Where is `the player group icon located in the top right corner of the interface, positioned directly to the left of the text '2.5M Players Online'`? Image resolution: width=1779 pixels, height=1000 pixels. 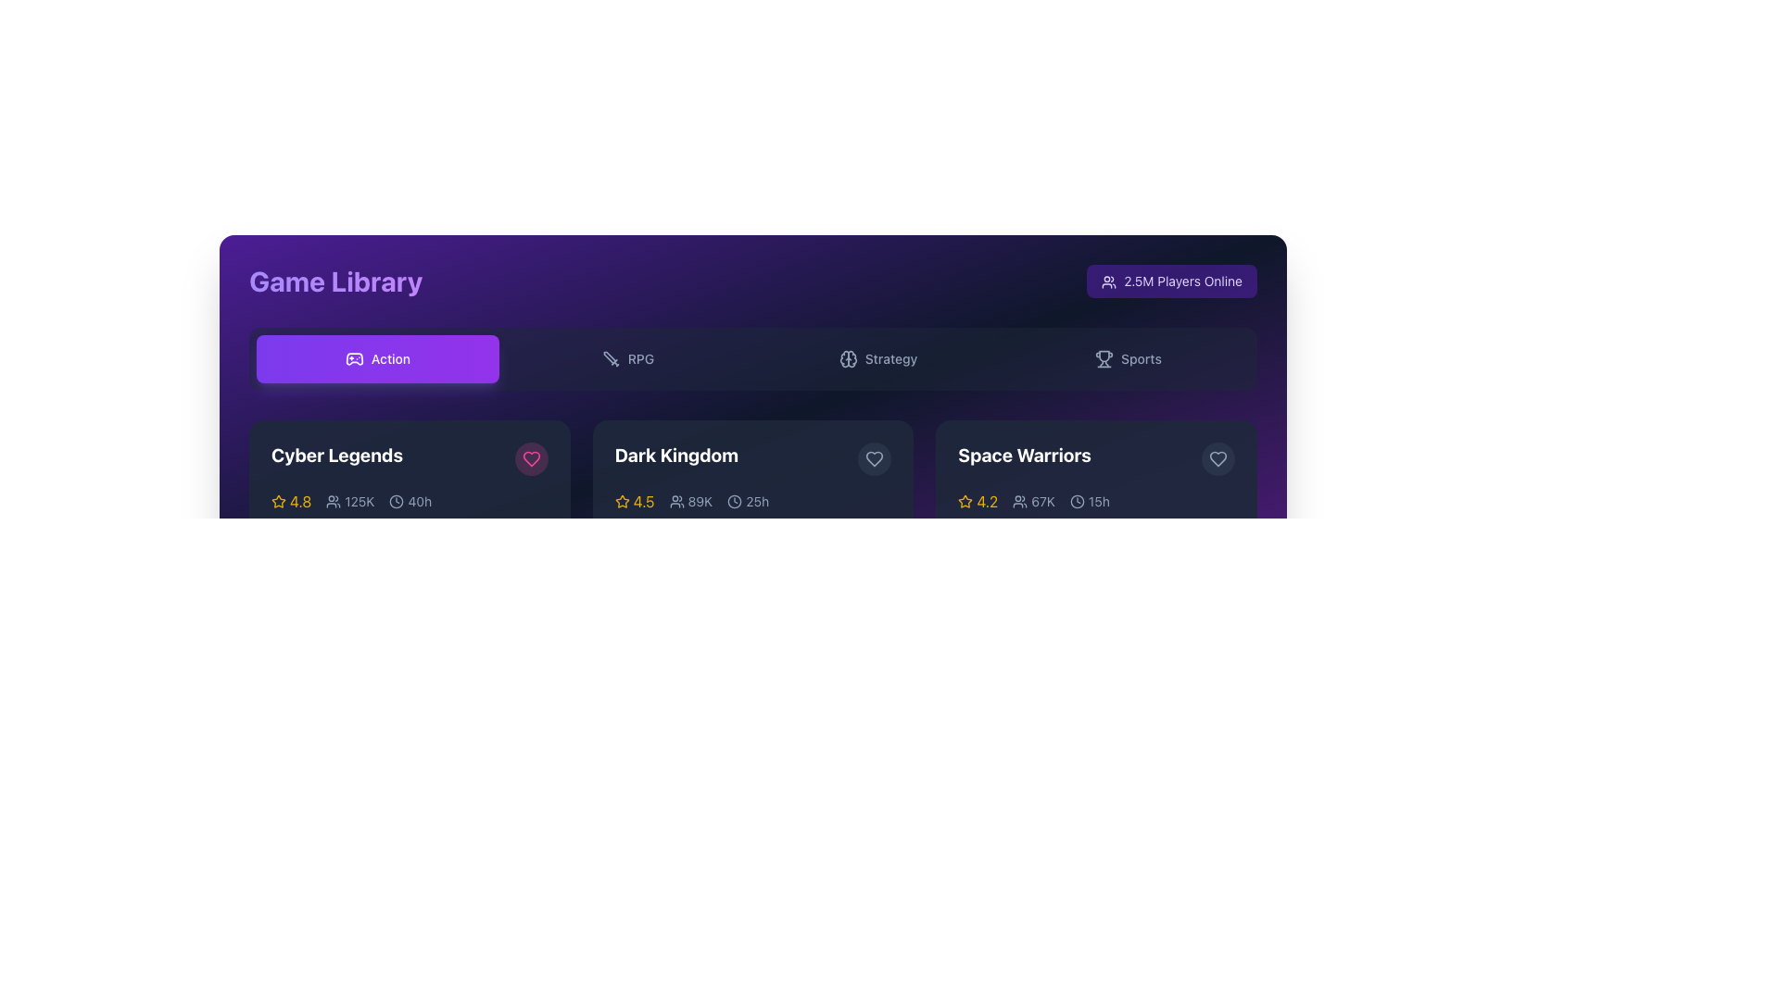
the player group icon located in the top right corner of the interface, positioned directly to the left of the text '2.5M Players Online' is located at coordinates (1109, 282).